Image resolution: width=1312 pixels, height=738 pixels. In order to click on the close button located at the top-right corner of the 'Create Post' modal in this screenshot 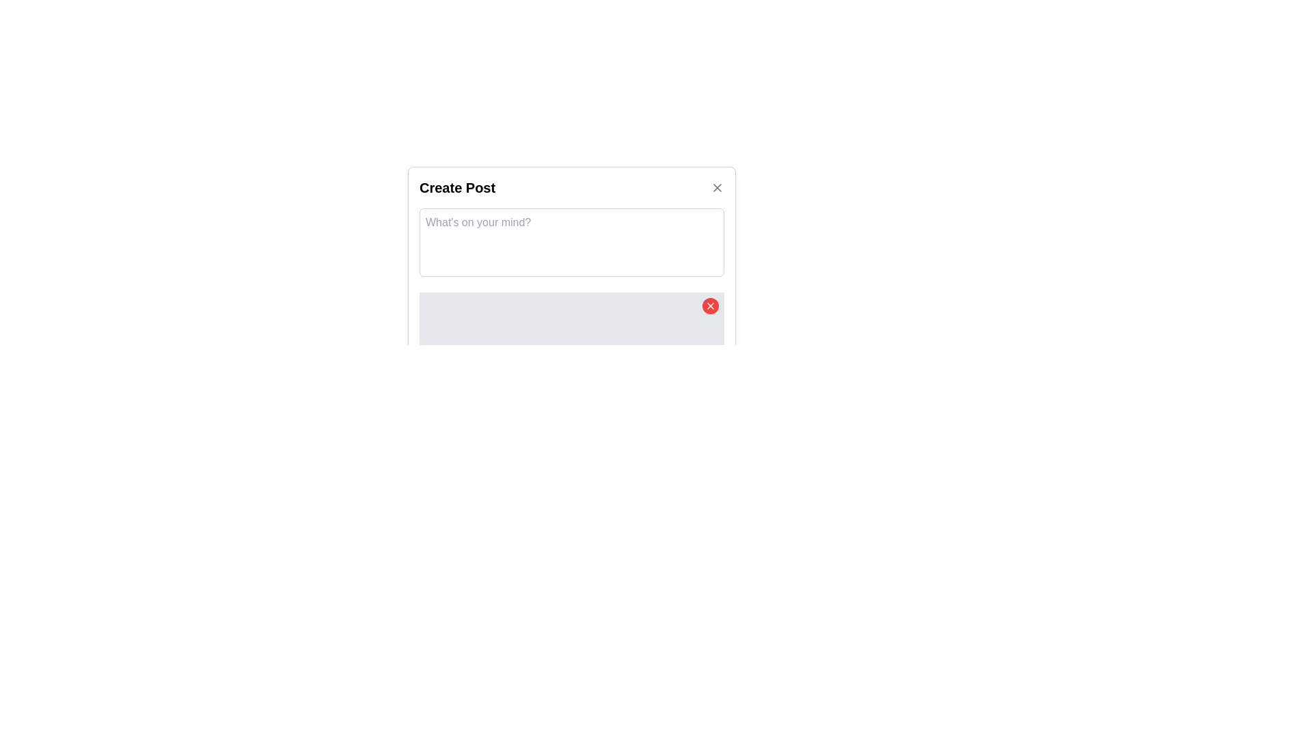, I will do `click(717, 187)`.